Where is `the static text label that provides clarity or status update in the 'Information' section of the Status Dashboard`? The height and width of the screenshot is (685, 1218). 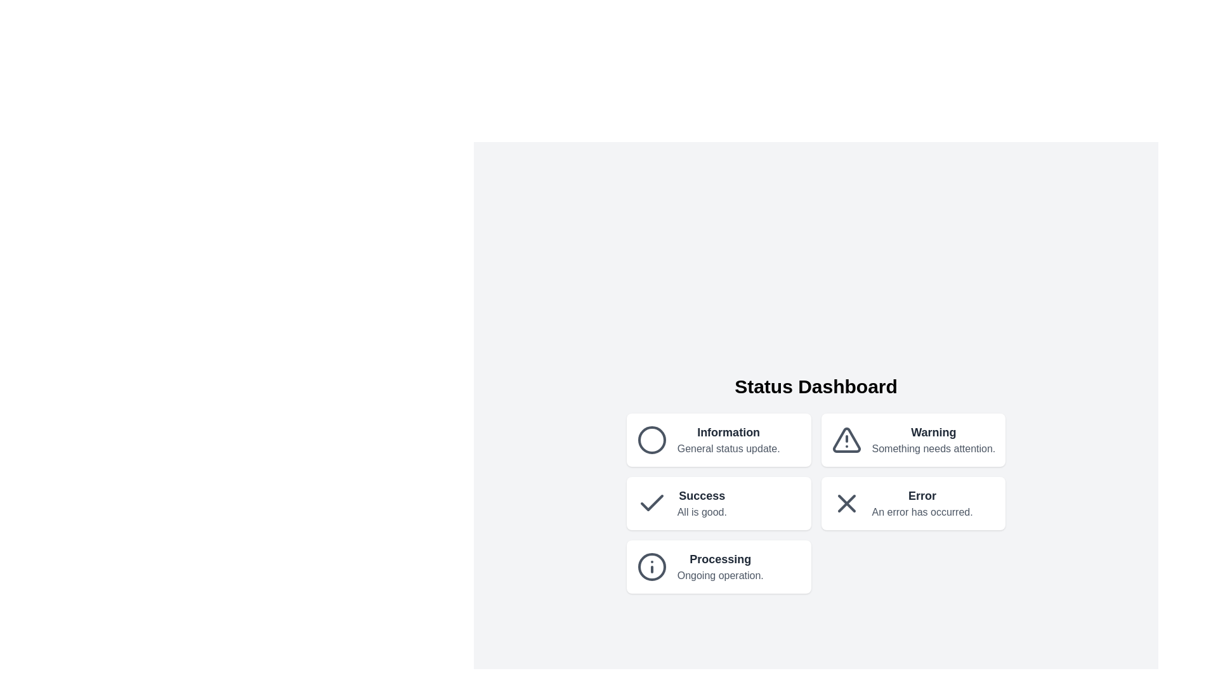
the static text label that provides clarity or status update in the 'Information' section of the Status Dashboard is located at coordinates (728, 448).